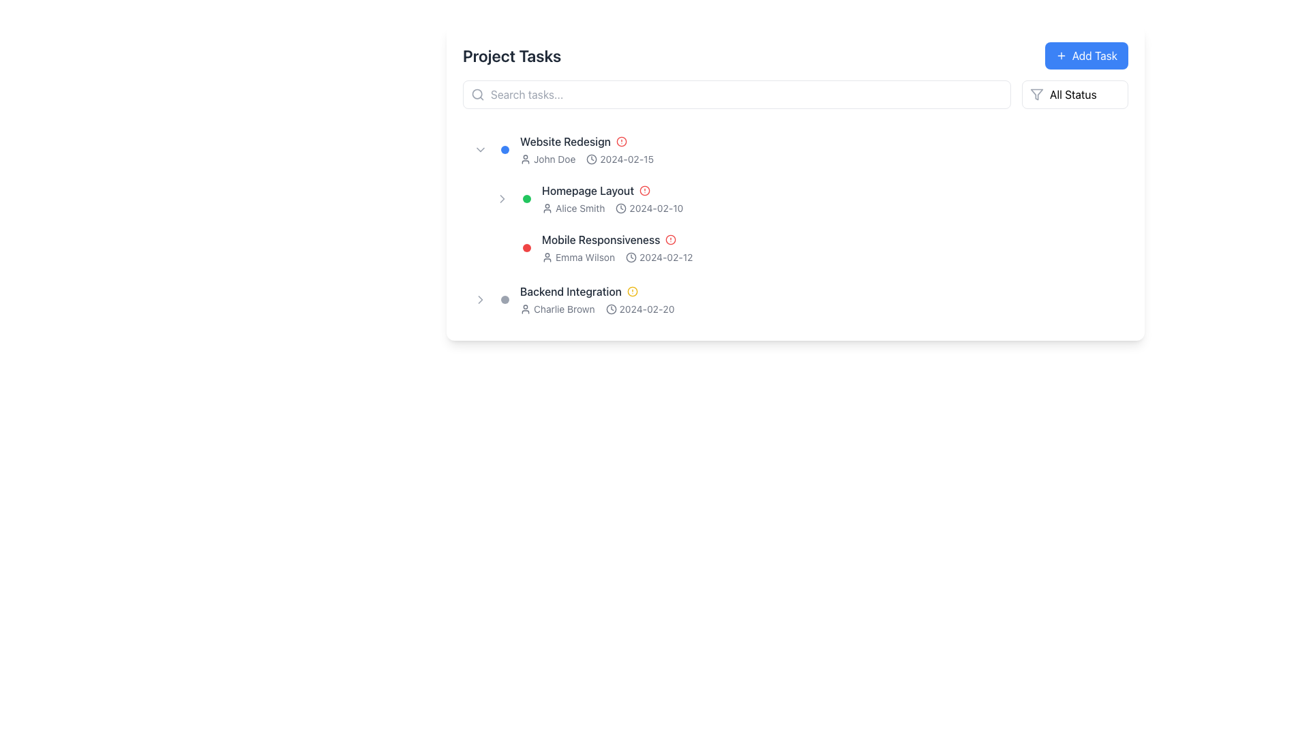 This screenshot has height=736, width=1309. What do you see at coordinates (481, 149) in the screenshot?
I see `the dropdown toggle or chevron icon located at the far left of the 'Website Redesign' task row` at bounding box center [481, 149].